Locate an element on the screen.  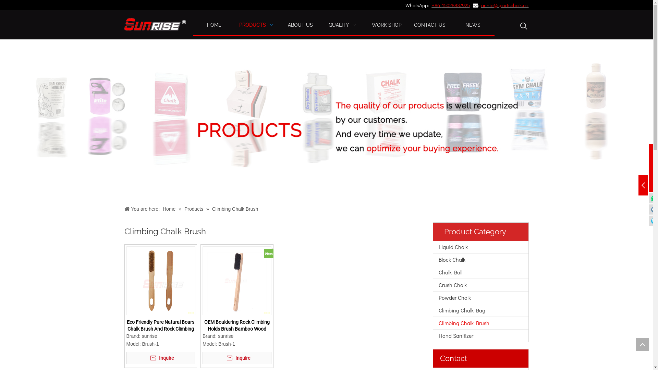
'WORK SHOP' is located at coordinates (365, 25).